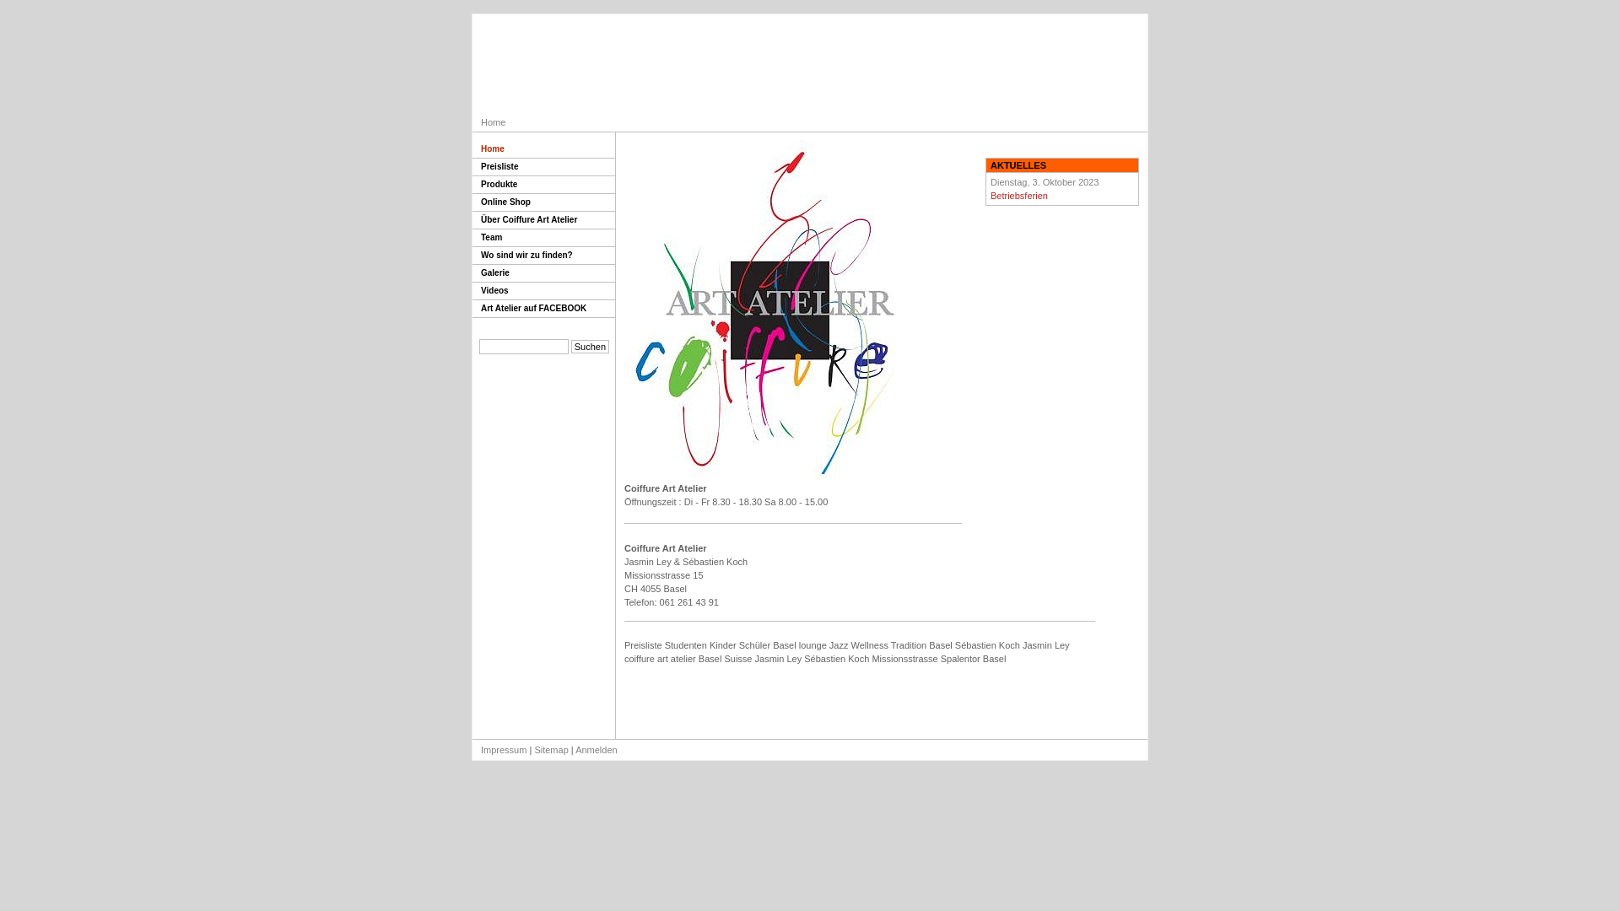 The image size is (1620, 911). I want to click on 'Videos', so click(472, 290).